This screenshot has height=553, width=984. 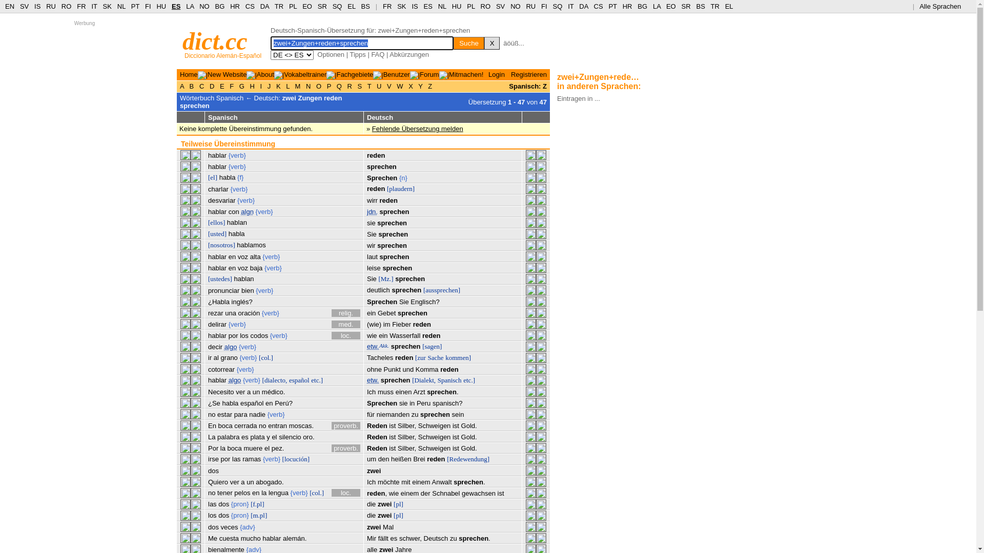 I want to click on 'las', so click(x=212, y=503).